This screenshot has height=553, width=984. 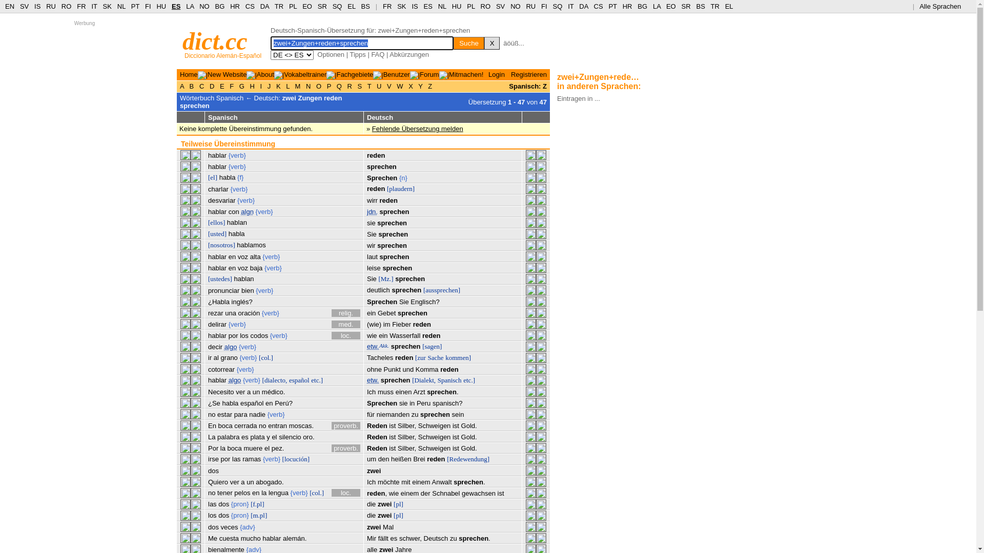 I want to click on 'las', so click(x=212, y=503).